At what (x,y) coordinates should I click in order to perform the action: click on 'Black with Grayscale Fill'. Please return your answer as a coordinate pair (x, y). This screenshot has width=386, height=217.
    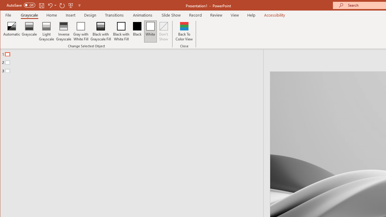
    Looking at the image, I should click on (101, 31).